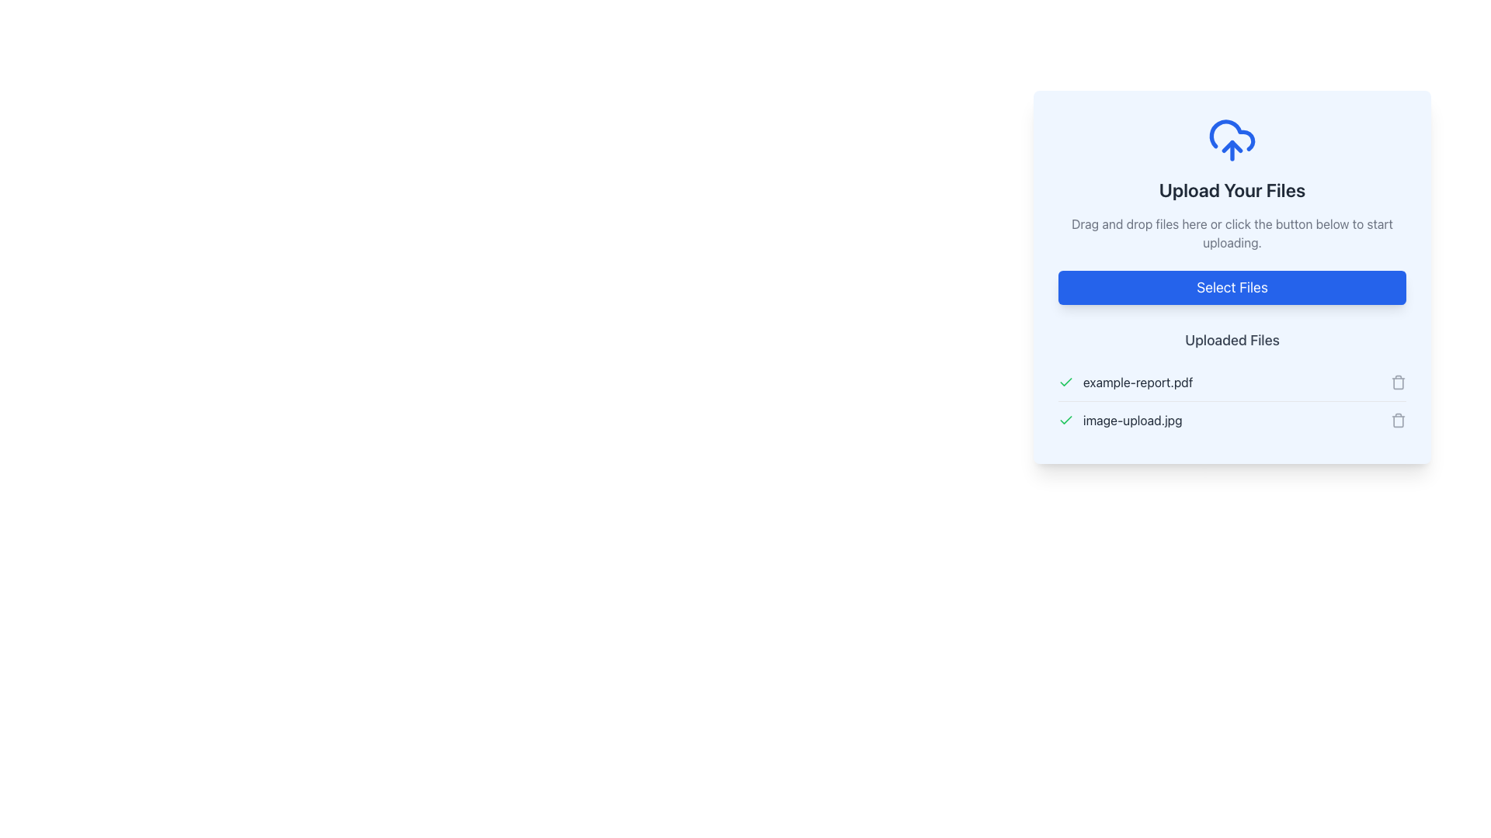 The height and width of the screenshot is (838, 1491). What do you see at coordinates (1232, 276) in the screenshot?
I see `the File upload module with a light blue background containing the 'Select Files' button` at bounding box center [1232, 276].